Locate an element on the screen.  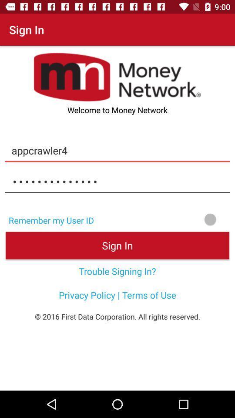
the item above the remember my user icon is located at coordinates (117, 181).